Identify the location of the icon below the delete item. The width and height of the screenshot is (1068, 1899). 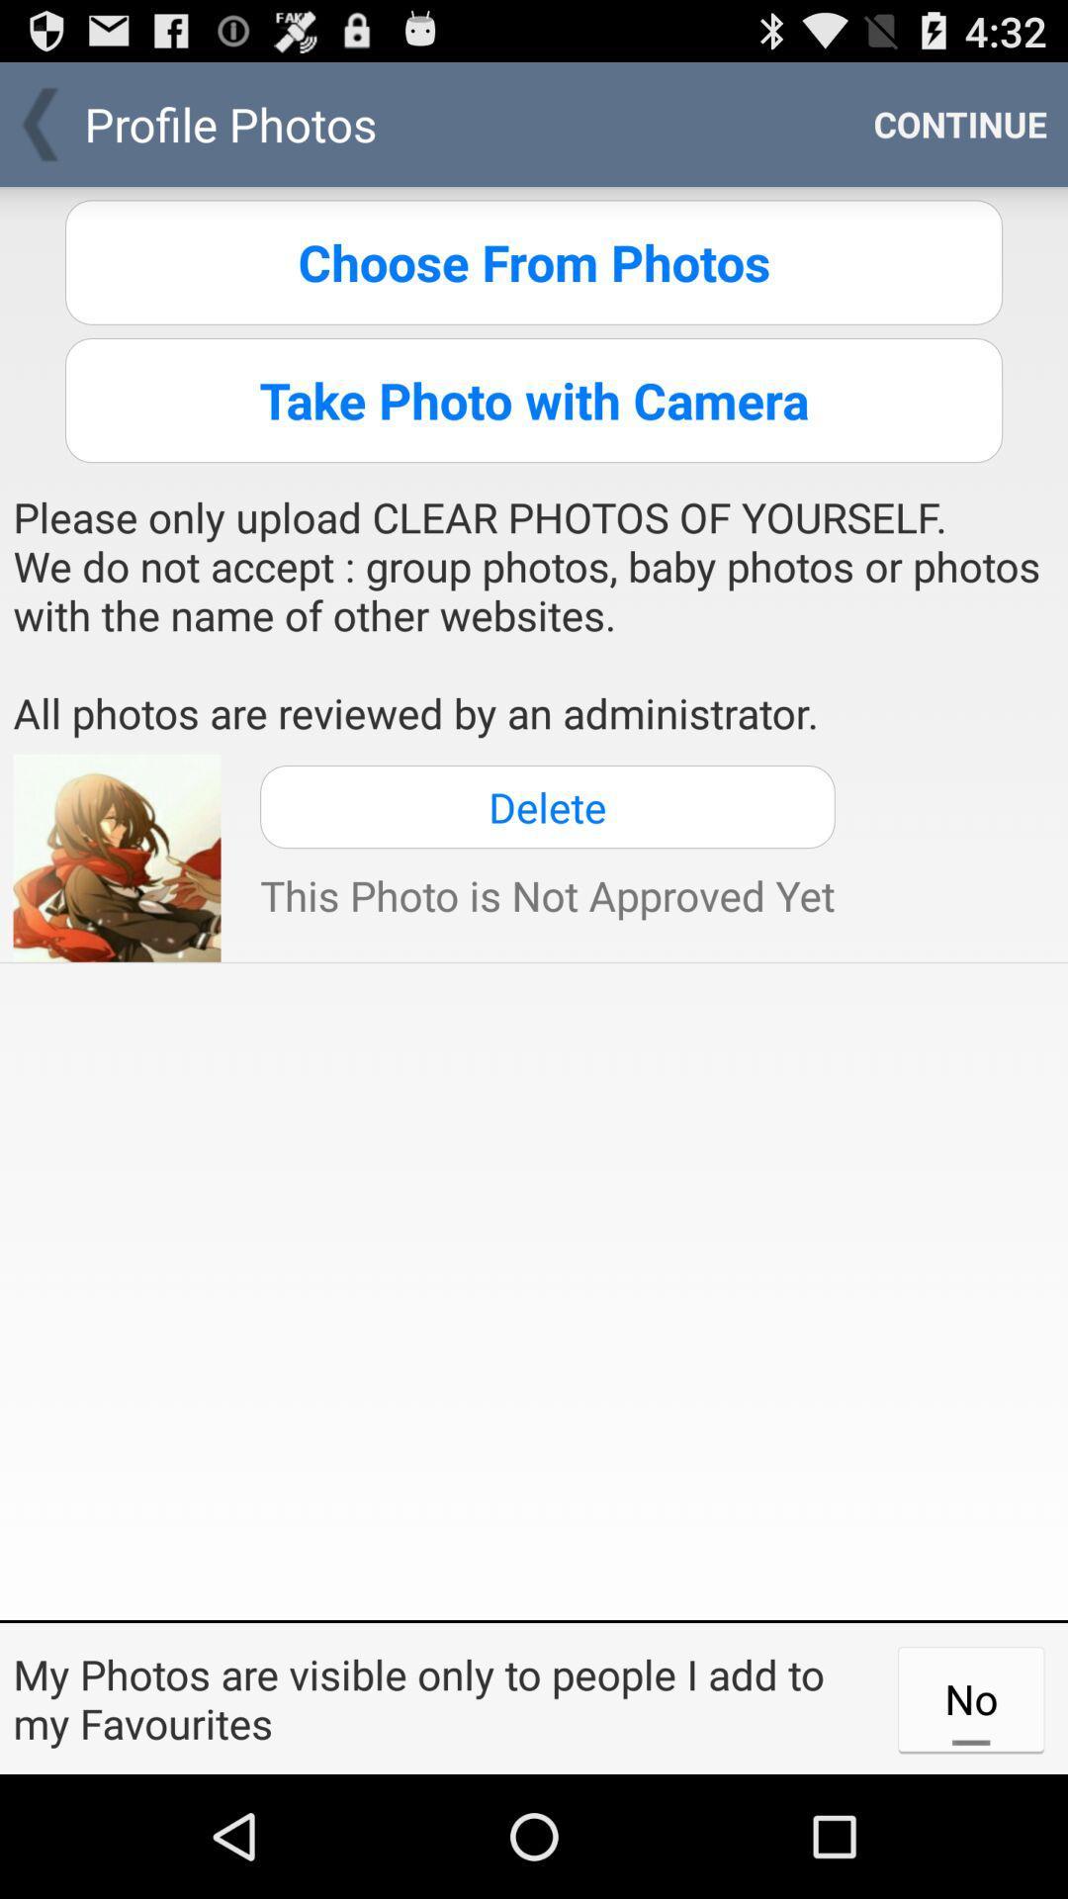
(547, 894).